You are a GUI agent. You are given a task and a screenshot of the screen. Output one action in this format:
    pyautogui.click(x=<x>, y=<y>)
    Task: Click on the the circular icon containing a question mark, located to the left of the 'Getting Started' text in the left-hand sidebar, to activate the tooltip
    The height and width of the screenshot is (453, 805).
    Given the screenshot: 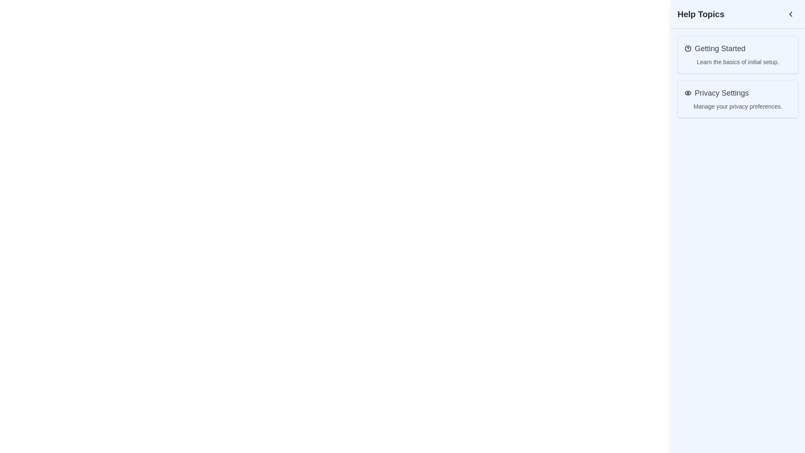 What is the action you would take?
    pyautogui.click(x=688, y=48)
    